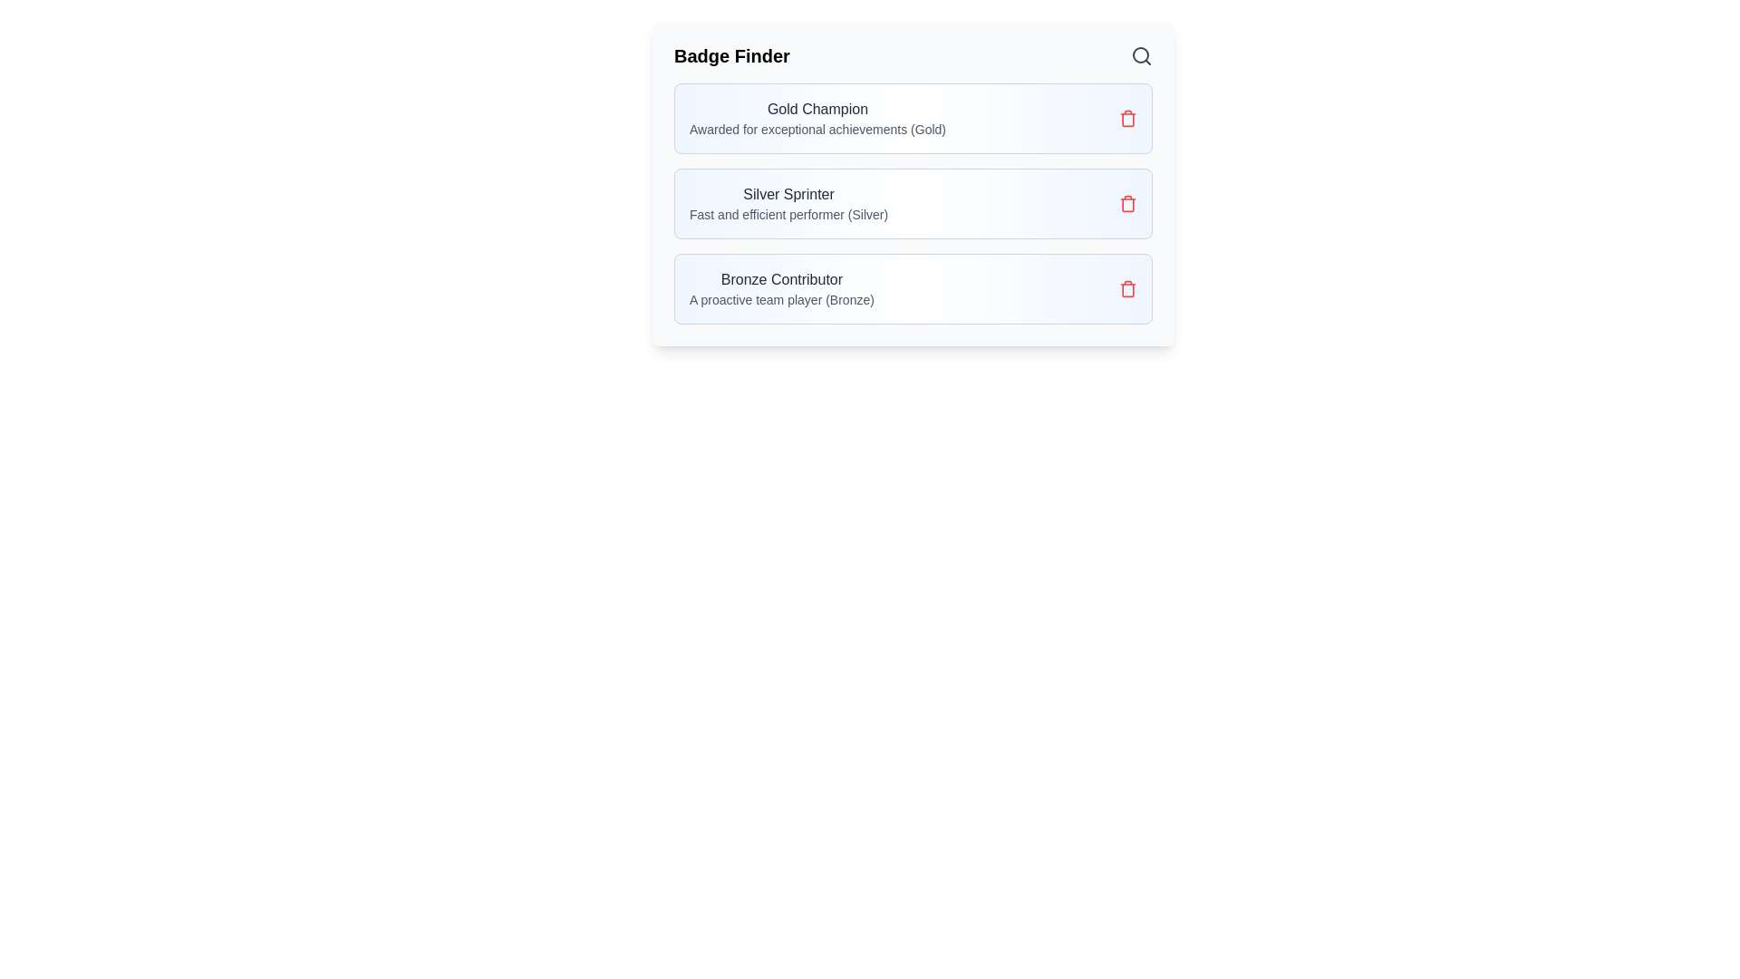  I want to click on the magnifying glass icon button located at the top-right corner of the 'Badge Finder' section to initiate a search, so click(1140, 54).